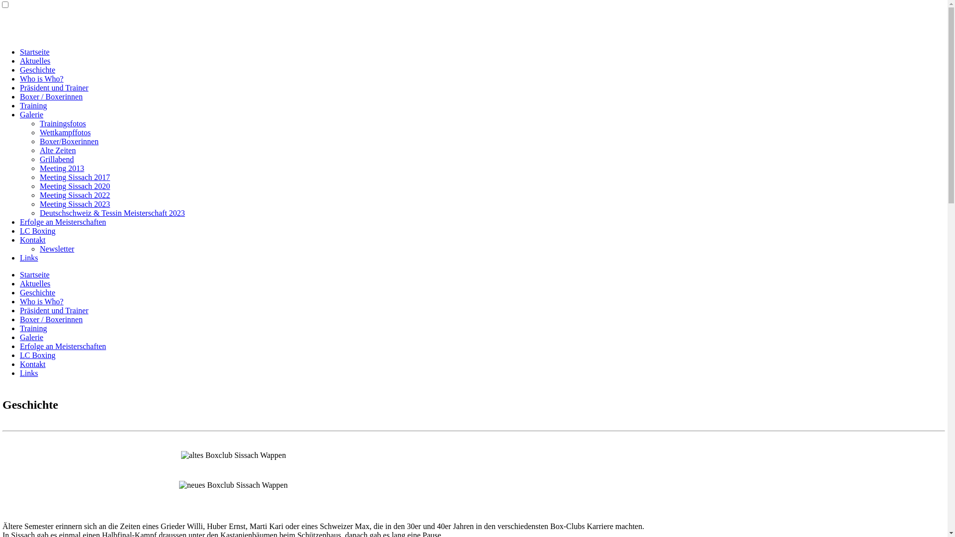  Describe the element at coordinates (31, 337) in the screenshot. I see `'Galerie'` at that location.